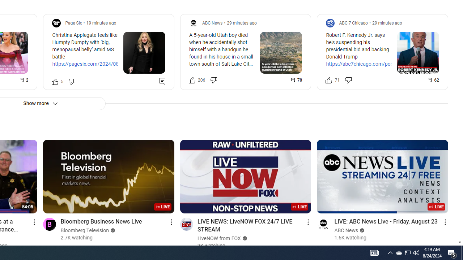 The width and height of the screenshot is (463, 260). Describe the element at coordinates (346, 230) in the screenshot. I see `'ABC News'` at that location.